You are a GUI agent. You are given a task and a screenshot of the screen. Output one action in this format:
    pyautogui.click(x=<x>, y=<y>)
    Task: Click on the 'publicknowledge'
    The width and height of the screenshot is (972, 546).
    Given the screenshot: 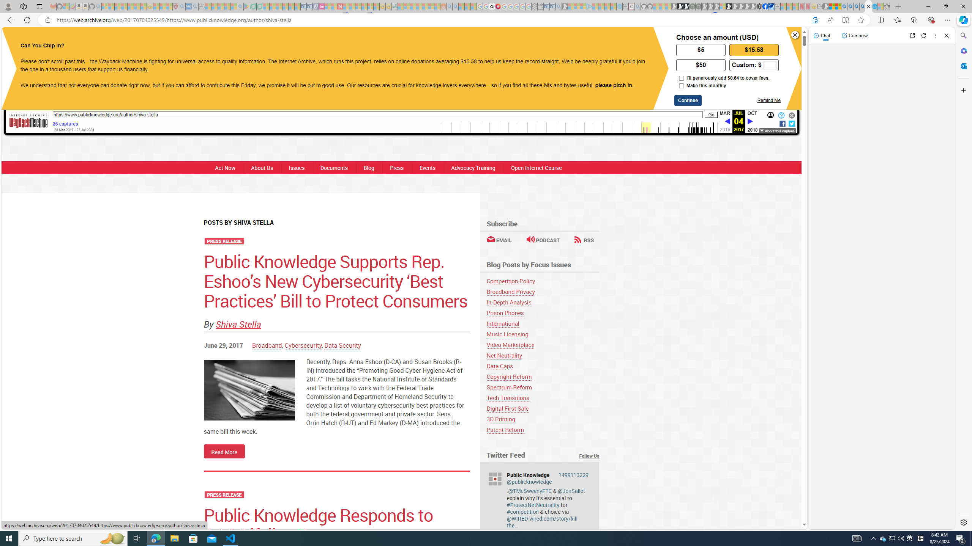 What is the action you would take?
    pyautogui.click(x=495, y=479)
    